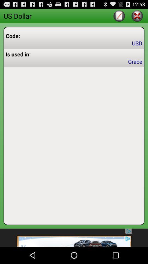 This screenshot has width=148, height=264. Describe the element at coordinates (74, 237) in the screenshot. I see `open advertisement` at that location.